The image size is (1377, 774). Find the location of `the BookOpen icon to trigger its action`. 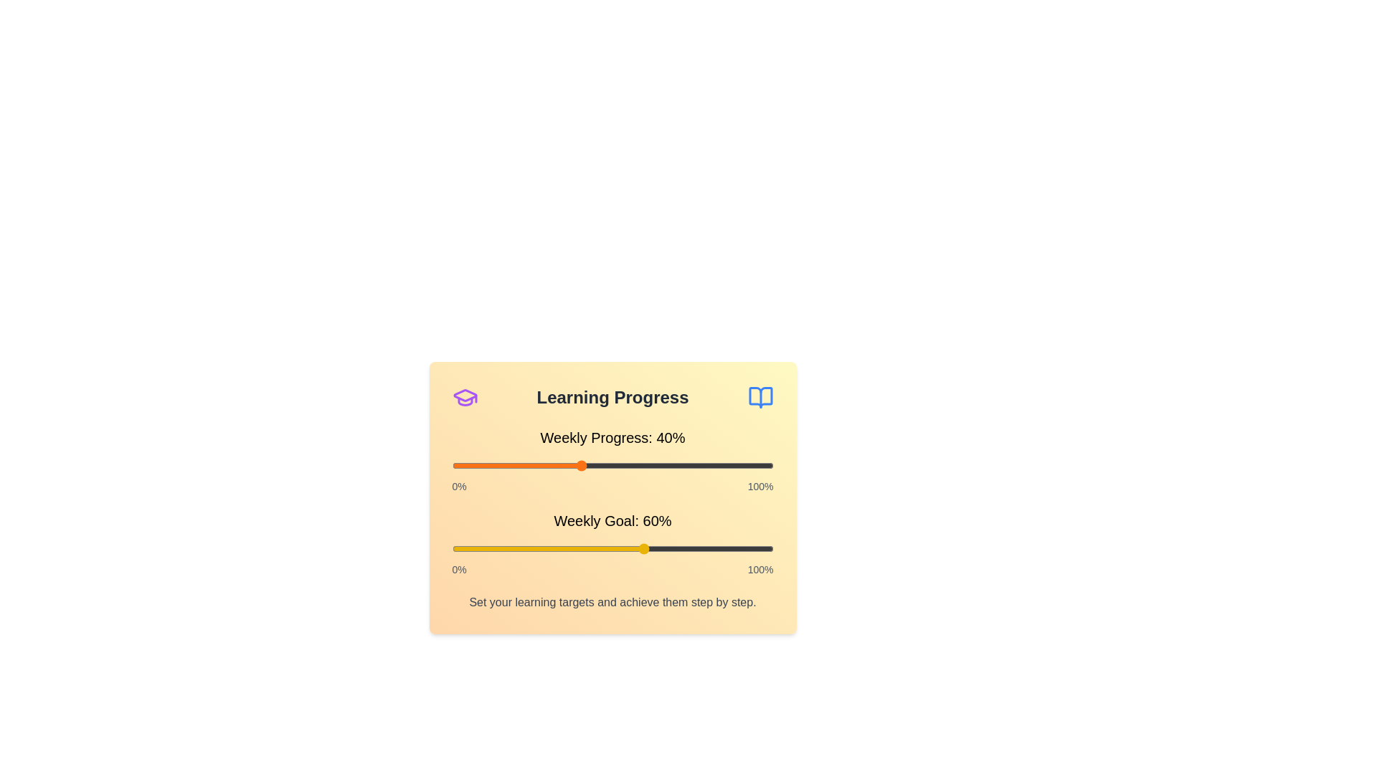

the BookOpen icon to trigger its action is located at coordinates (760, 398).